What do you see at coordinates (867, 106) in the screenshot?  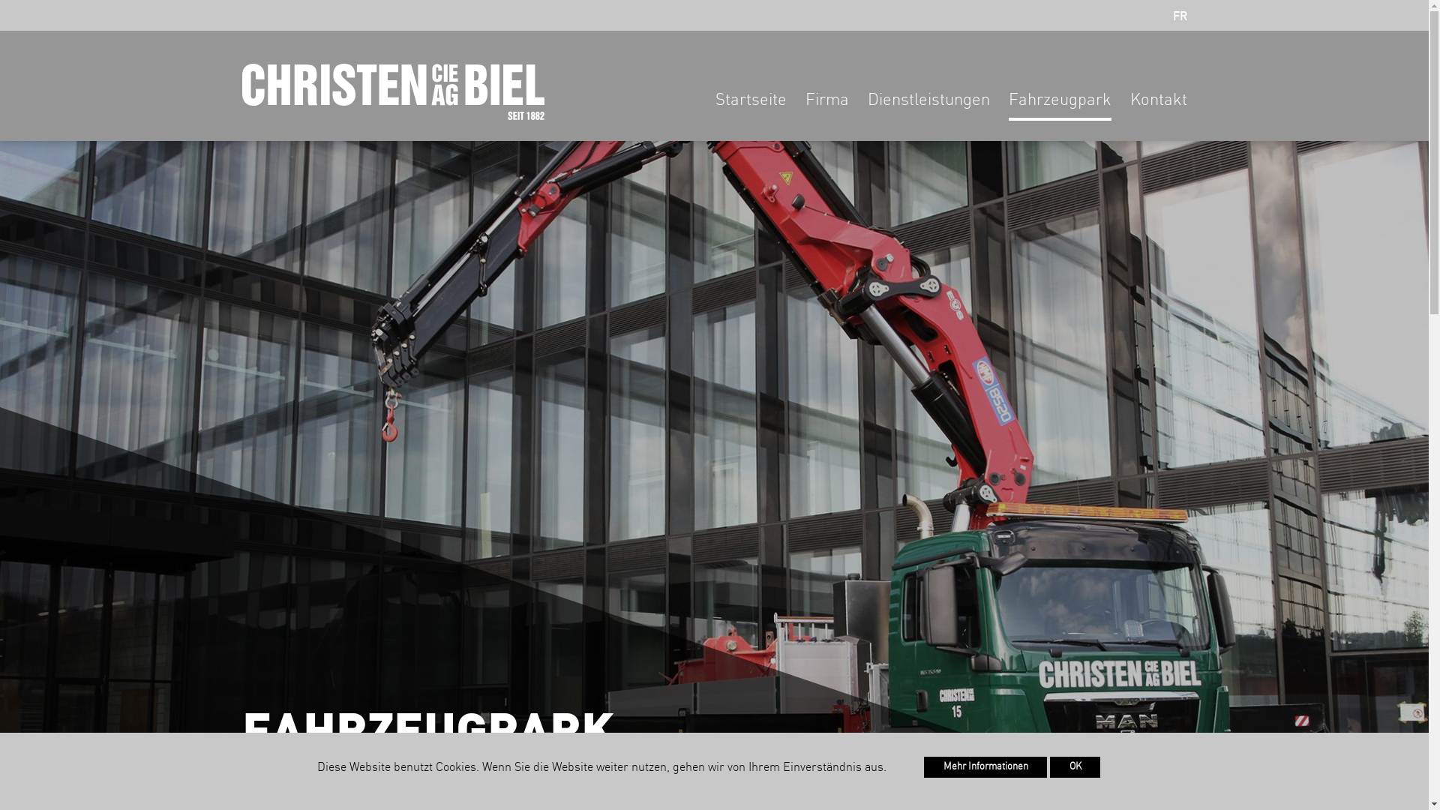 I see `'Dienstleistungen'` at bounding box center [867, 106].